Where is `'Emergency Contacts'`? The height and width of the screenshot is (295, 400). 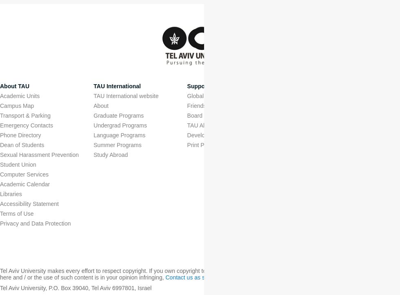 'Emergency Contacts' is located at coordinates (26, 125).